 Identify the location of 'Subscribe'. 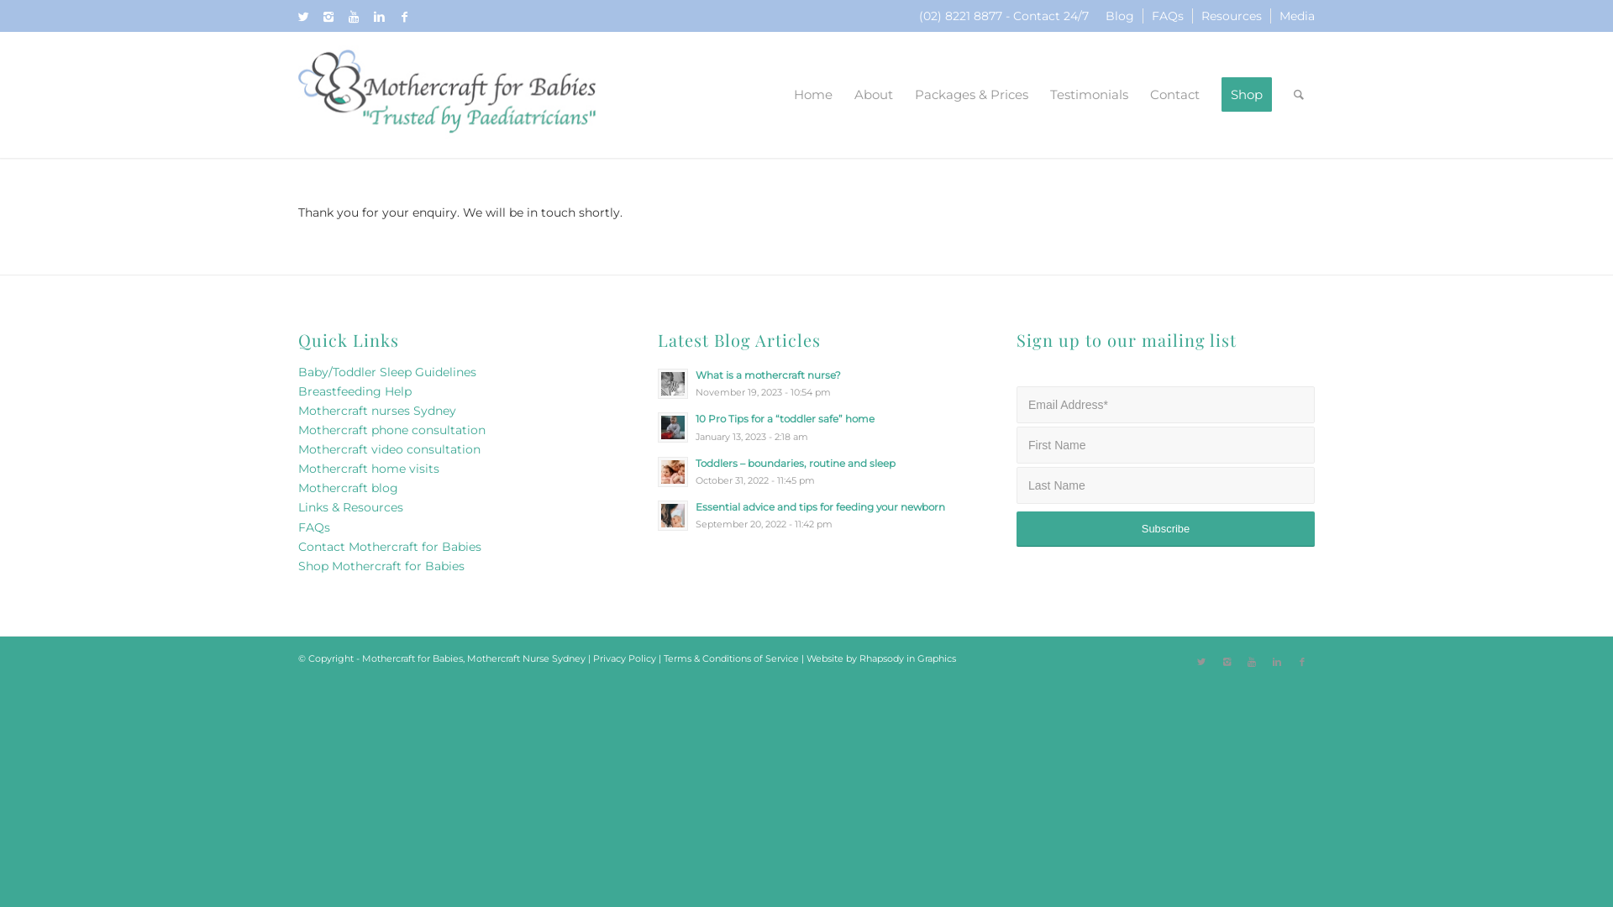
(1164, 527).